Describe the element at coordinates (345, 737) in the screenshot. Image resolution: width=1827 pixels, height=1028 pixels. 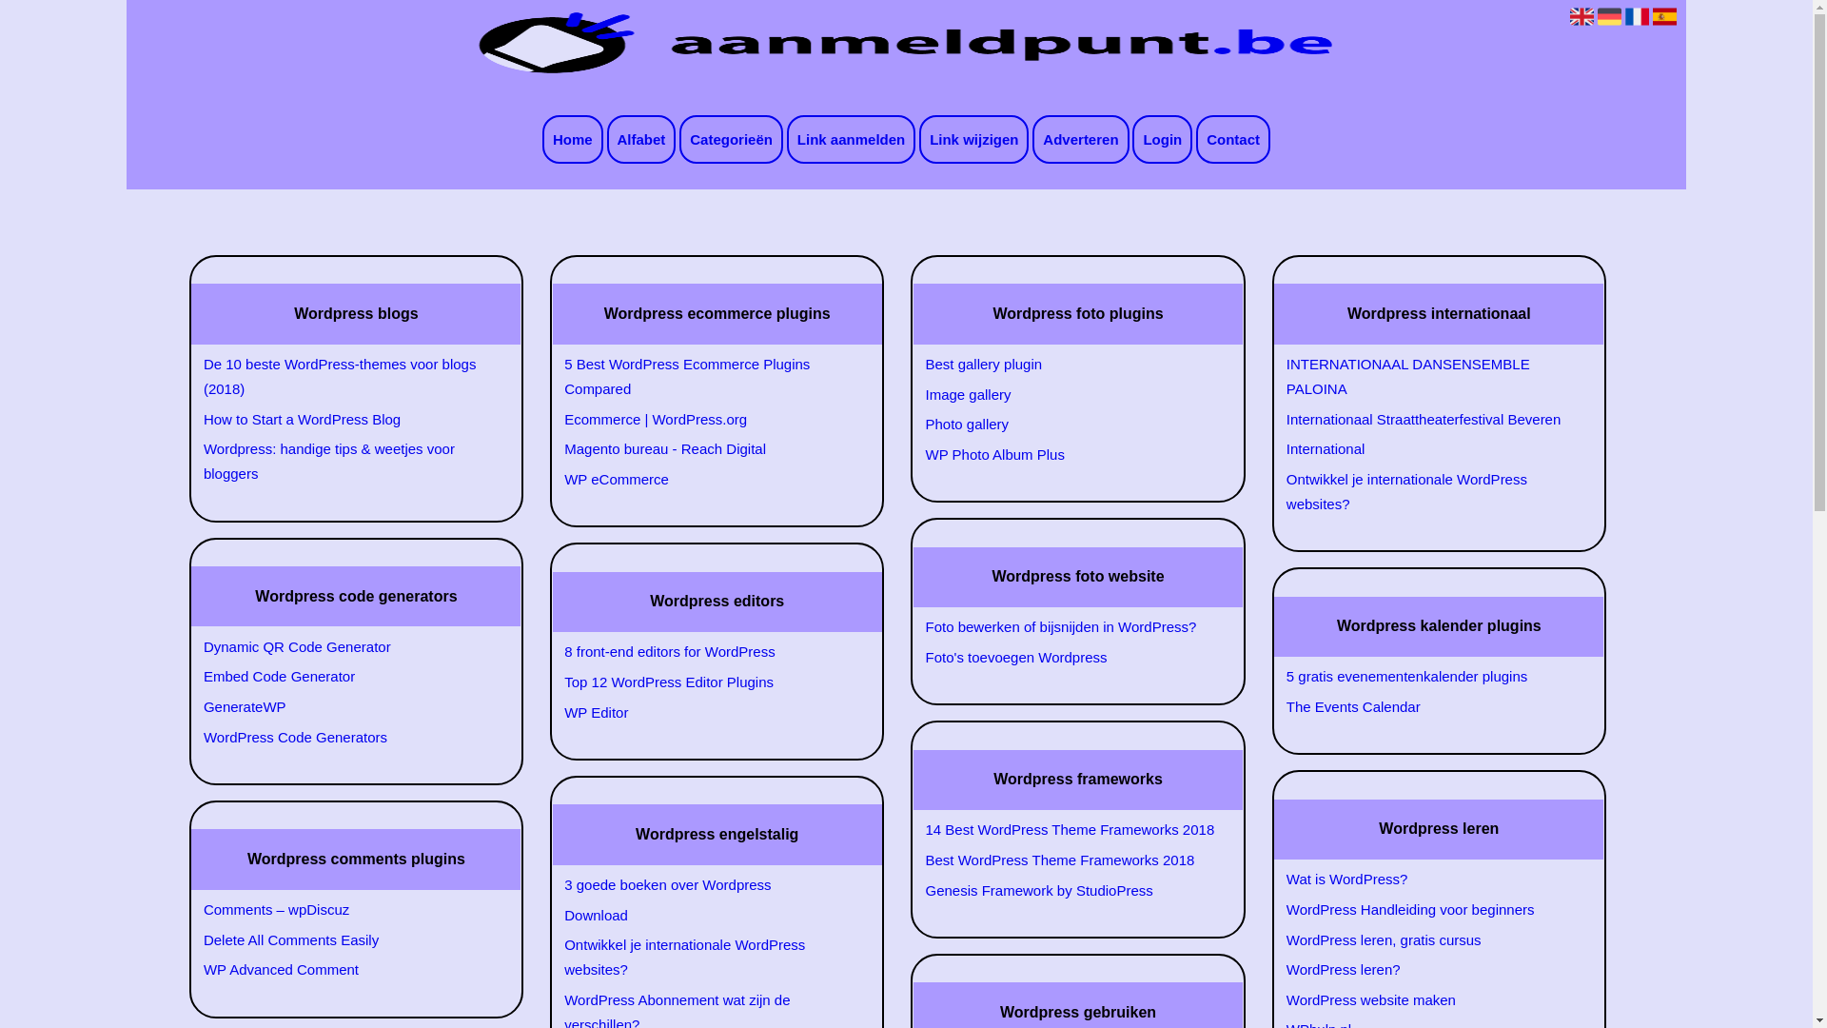
I see `'WordPress Code Generators'` at that location.